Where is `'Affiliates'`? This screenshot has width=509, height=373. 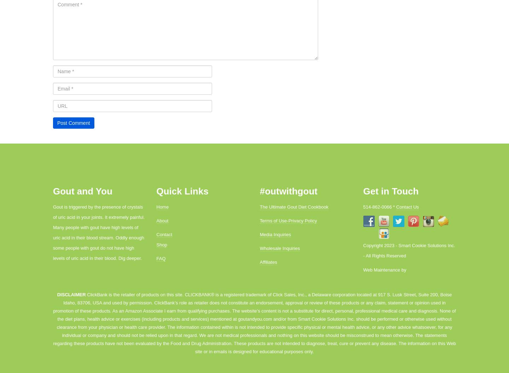 'Affiliates' is located at coordinates (268, 262).